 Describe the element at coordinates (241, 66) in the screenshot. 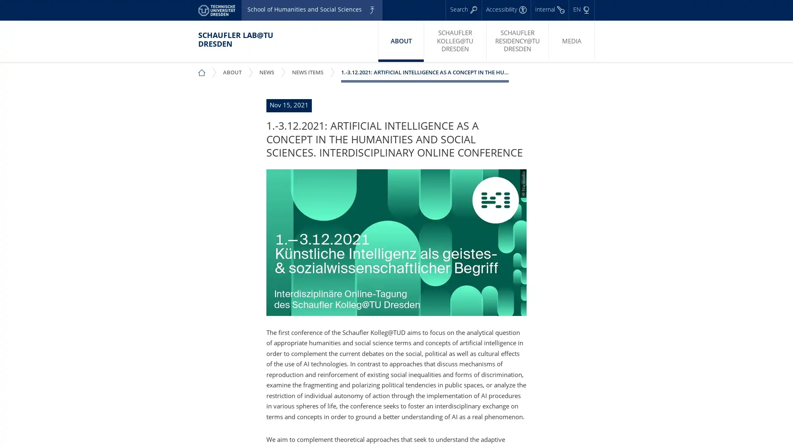

I see `Show submenu` at that location.